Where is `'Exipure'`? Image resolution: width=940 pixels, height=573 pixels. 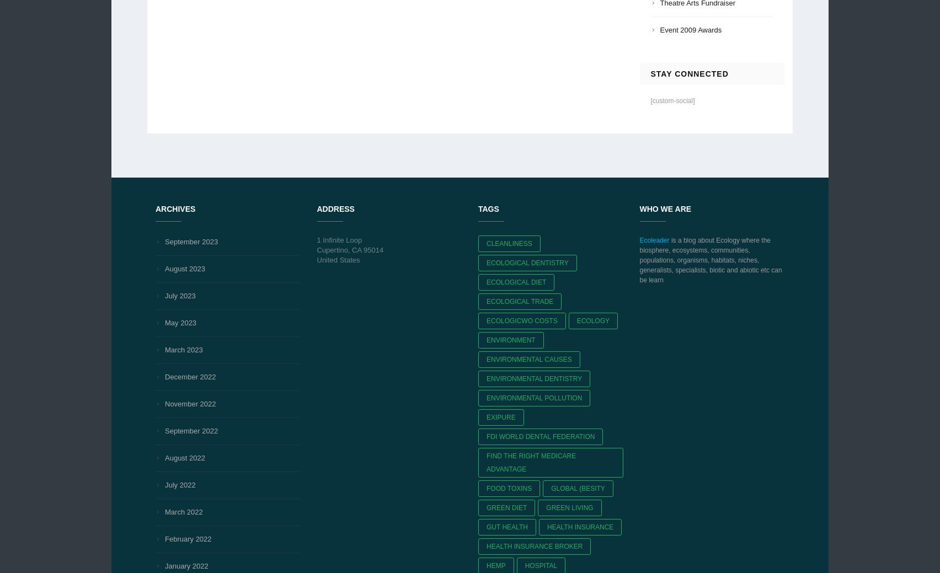
'Exipure' is located at coordinates (501, 417).